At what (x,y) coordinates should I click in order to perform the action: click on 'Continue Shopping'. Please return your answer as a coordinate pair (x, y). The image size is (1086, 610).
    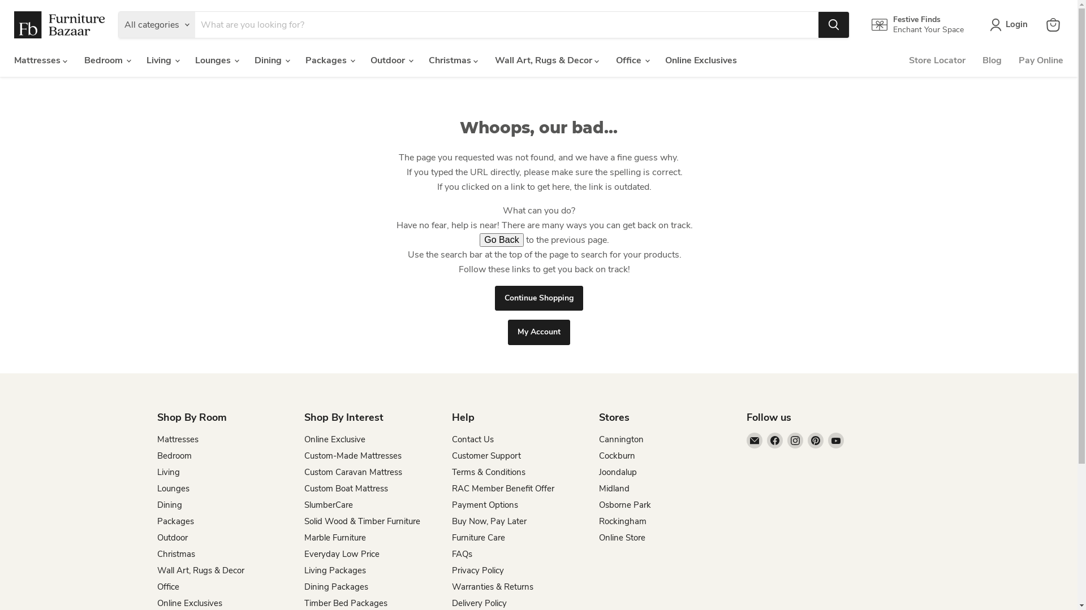
    Looking at the image, I should click on (537, 298).